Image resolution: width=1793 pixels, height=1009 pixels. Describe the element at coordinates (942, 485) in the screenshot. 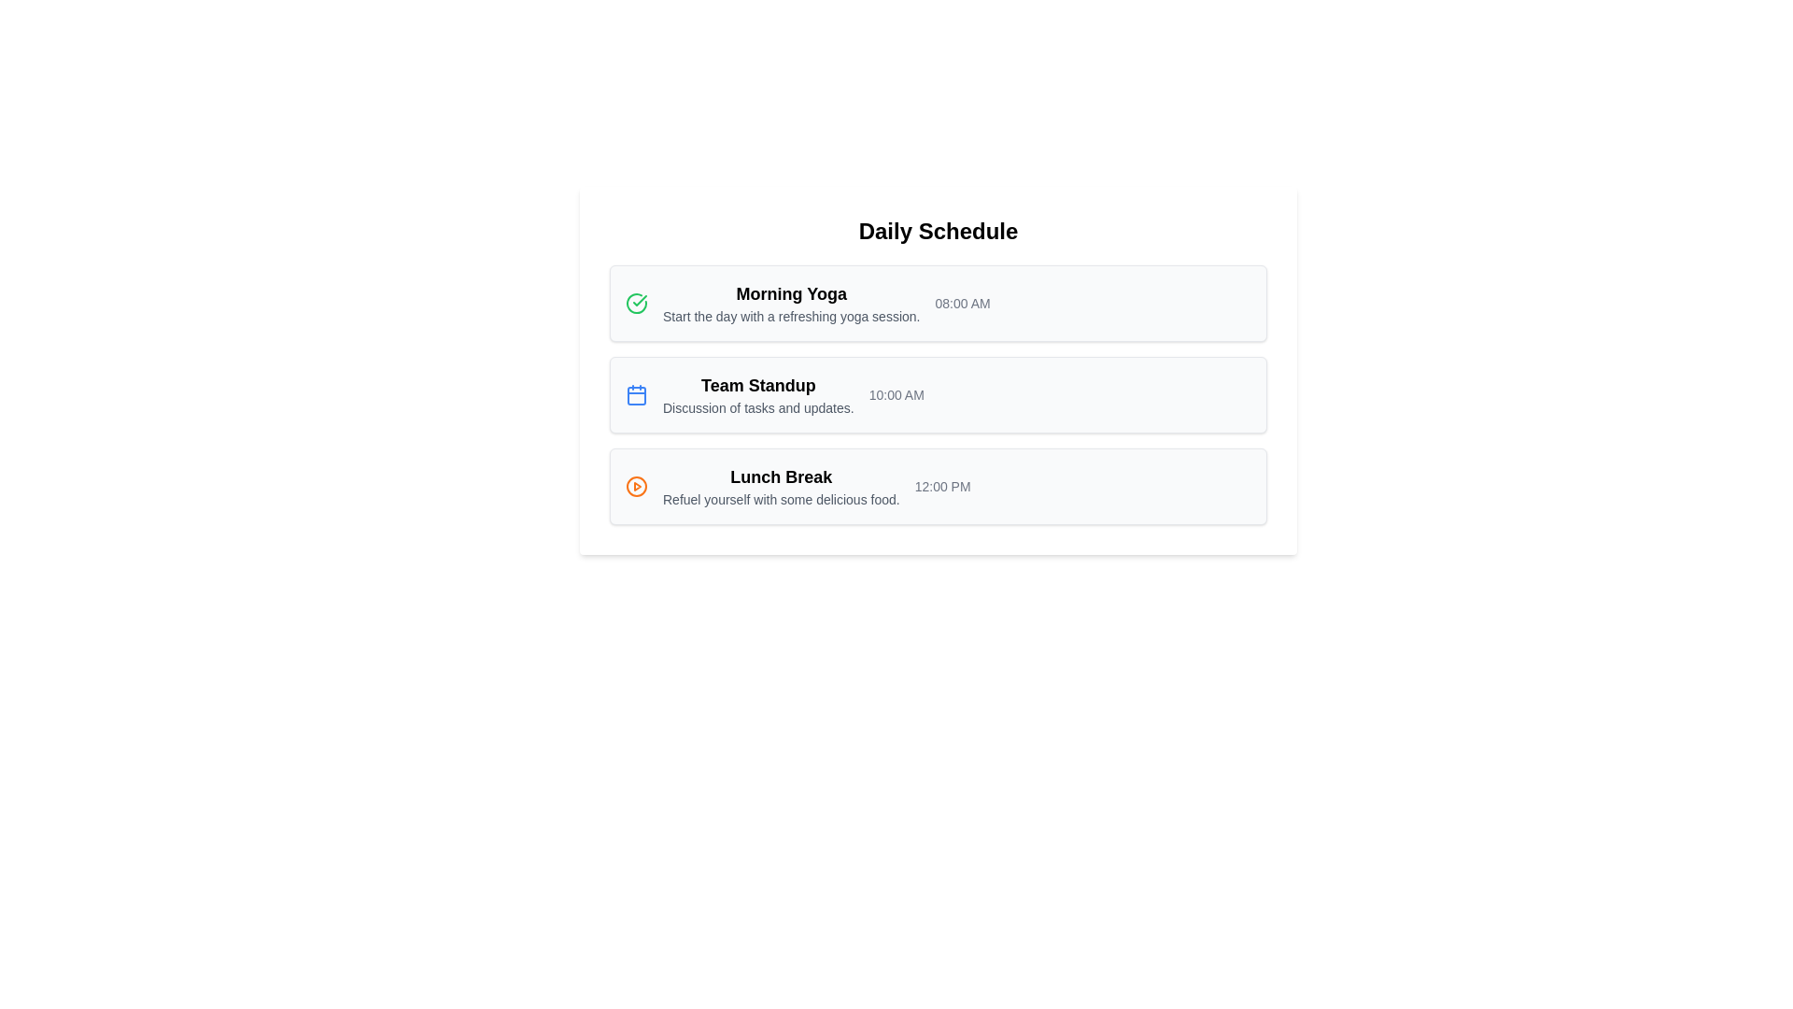

I see `the static text label displaying the time for the lunch break event in the daily schedule` at that location.